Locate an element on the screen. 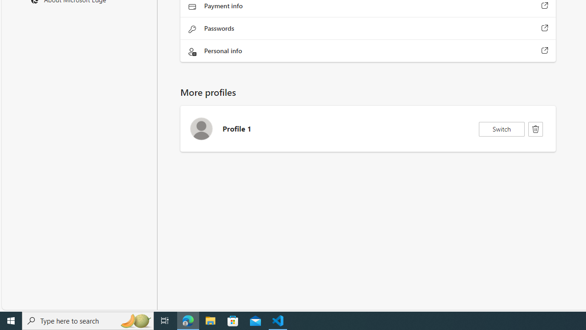 The width and height of the screenshot is (586, 330). 'Delete' is located at coordinates (536, 129).